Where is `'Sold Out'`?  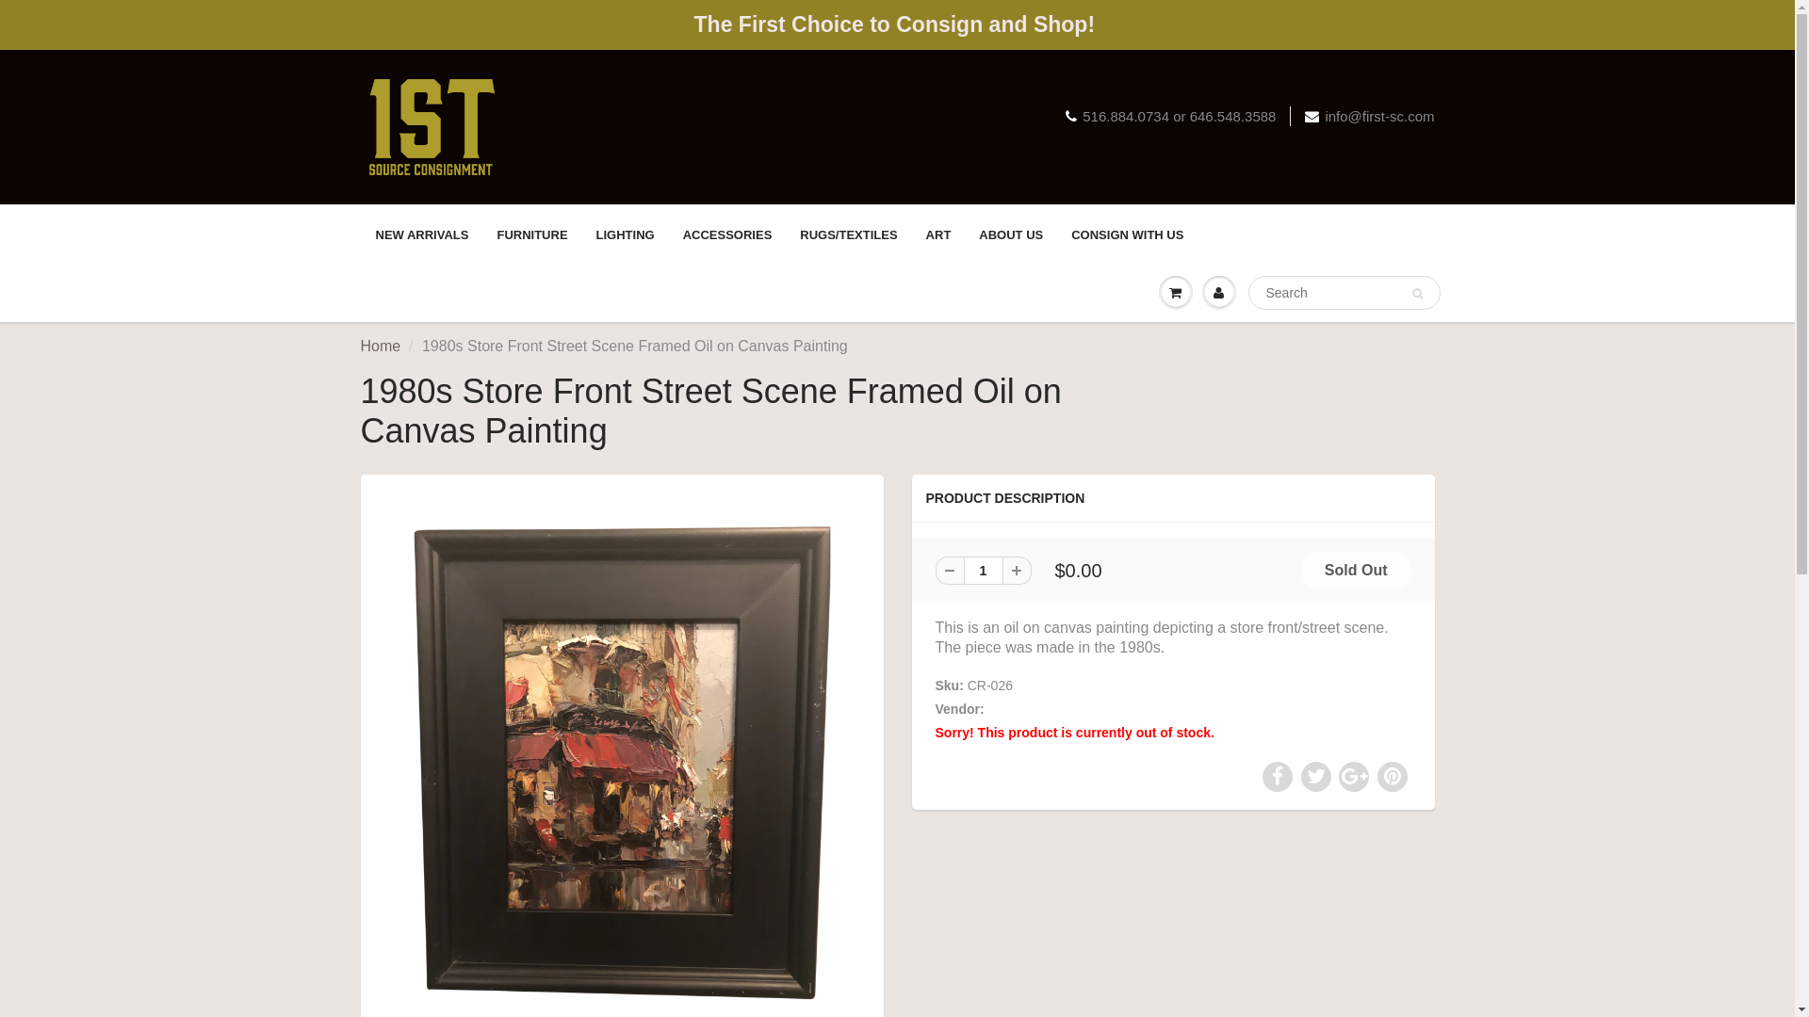 'Sold Out' is located at coordinates (1300, 569).